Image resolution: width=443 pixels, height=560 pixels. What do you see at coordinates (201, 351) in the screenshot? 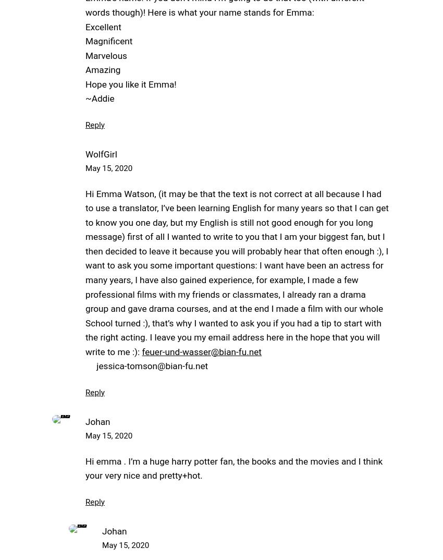
I see `'feuer-und-wasser@bian-fu.net'` at bounding box center [201, 351].